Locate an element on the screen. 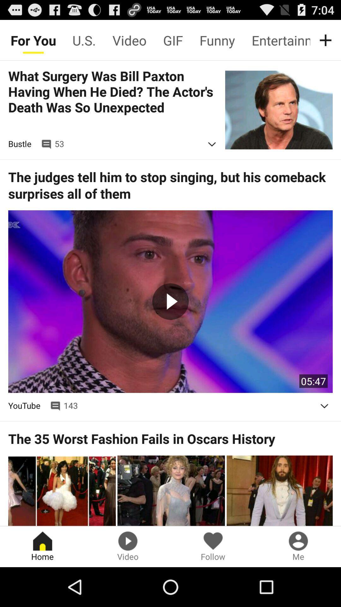 The height and width of the screenshot is (607, 341). autoplay option is located at coordinates (324, 406).